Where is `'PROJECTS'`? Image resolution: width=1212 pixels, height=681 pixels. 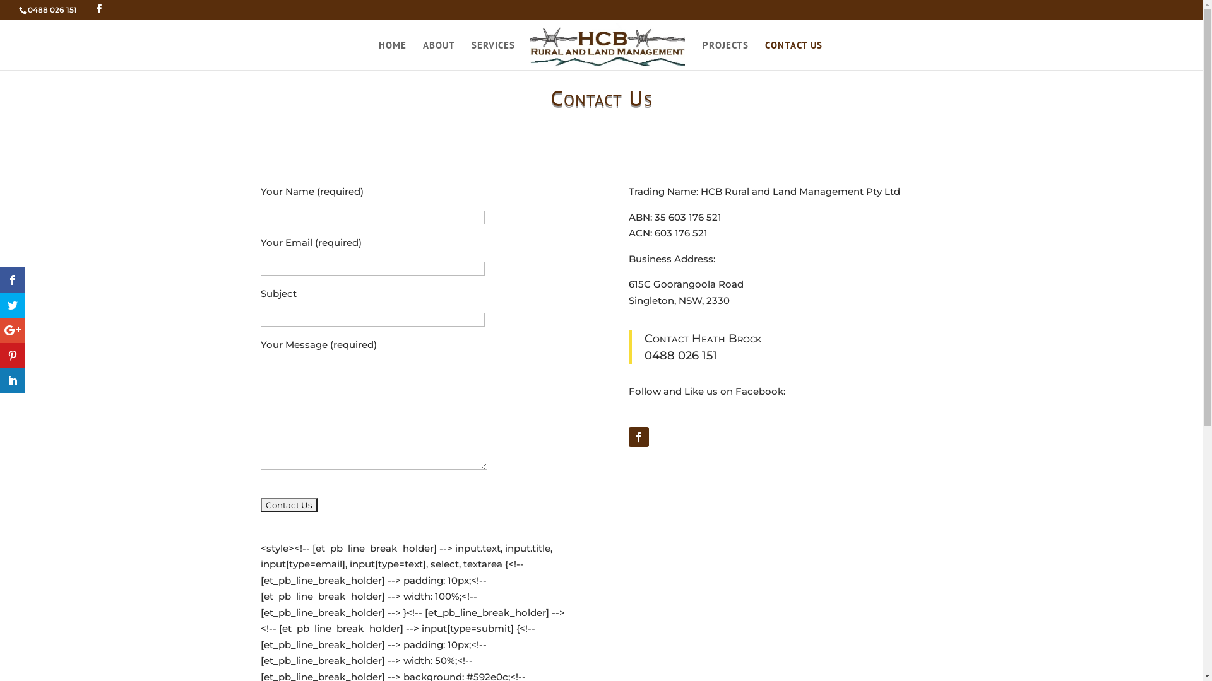 'PROJECTS' is located at coordinates (725, 48).